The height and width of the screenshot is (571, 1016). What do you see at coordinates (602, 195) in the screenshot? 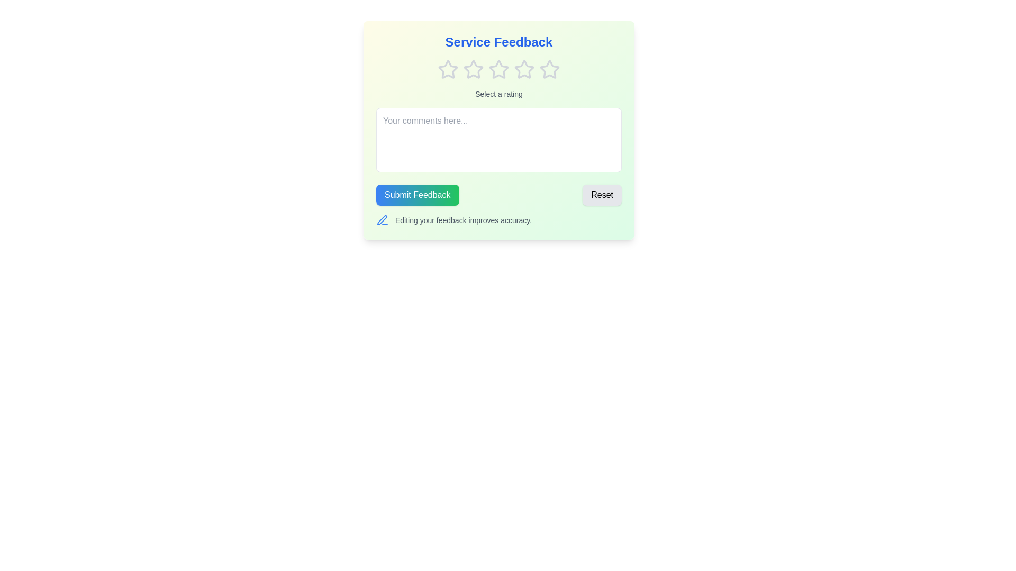
I see `the 'Reset' button located to the right of the 'Submit Feedback' button at the bottom of the feedback form via keyboard navigation` at bounding box center [602, 195].